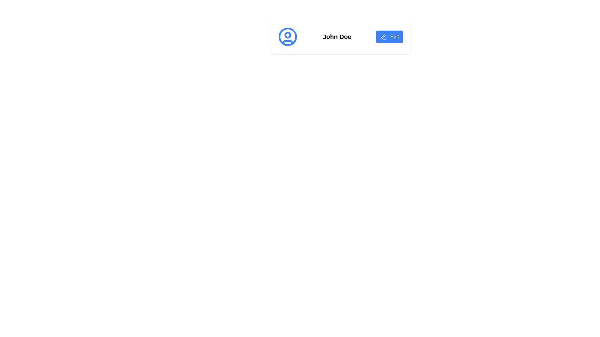 Image resolution: width=600 pixels, height=337 pixels. What do you see at coordinates (340, 37) in the screenshot?
I see `profile name 'John Doe' displayed in the profile display area, which includes a blue circular icon and an 'Edit' button` at bounding box center [340, 37].